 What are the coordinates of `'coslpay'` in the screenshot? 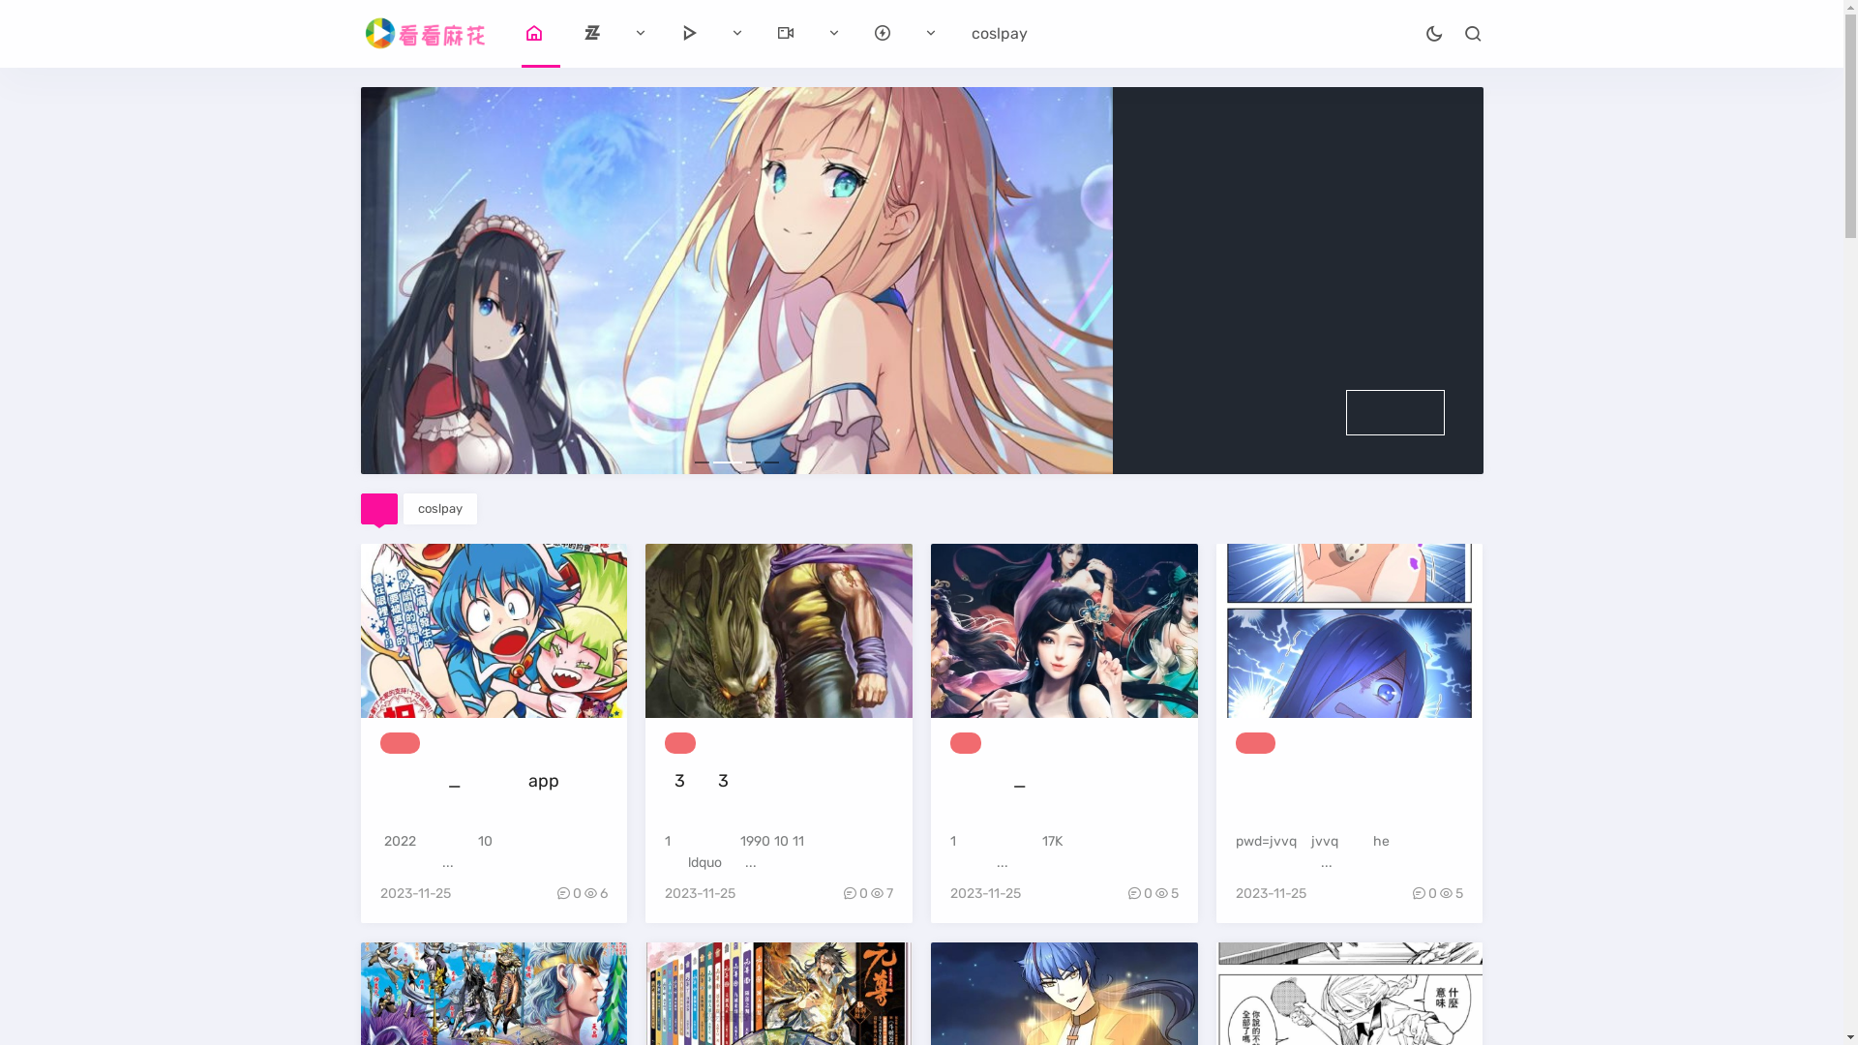 It's located at (999, 33).